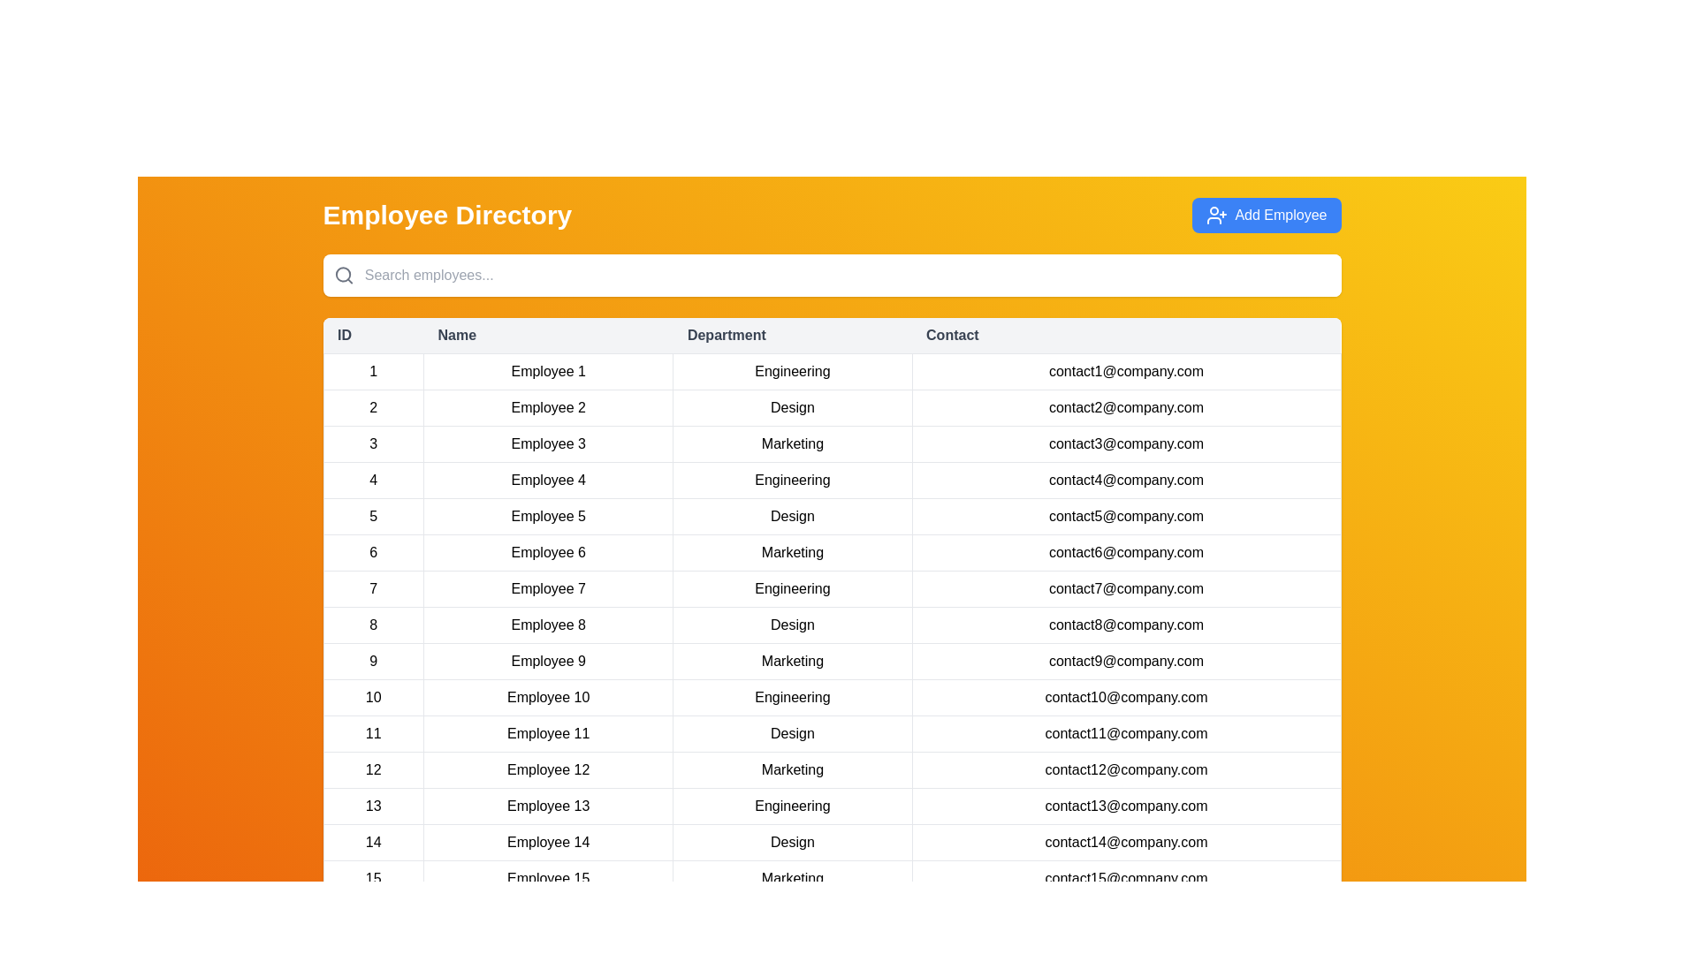  What do you see at coordinates (792, 336) in the screenshot?
I see `the column header Department to sort the table by that column` at bounding box center [792, 336].